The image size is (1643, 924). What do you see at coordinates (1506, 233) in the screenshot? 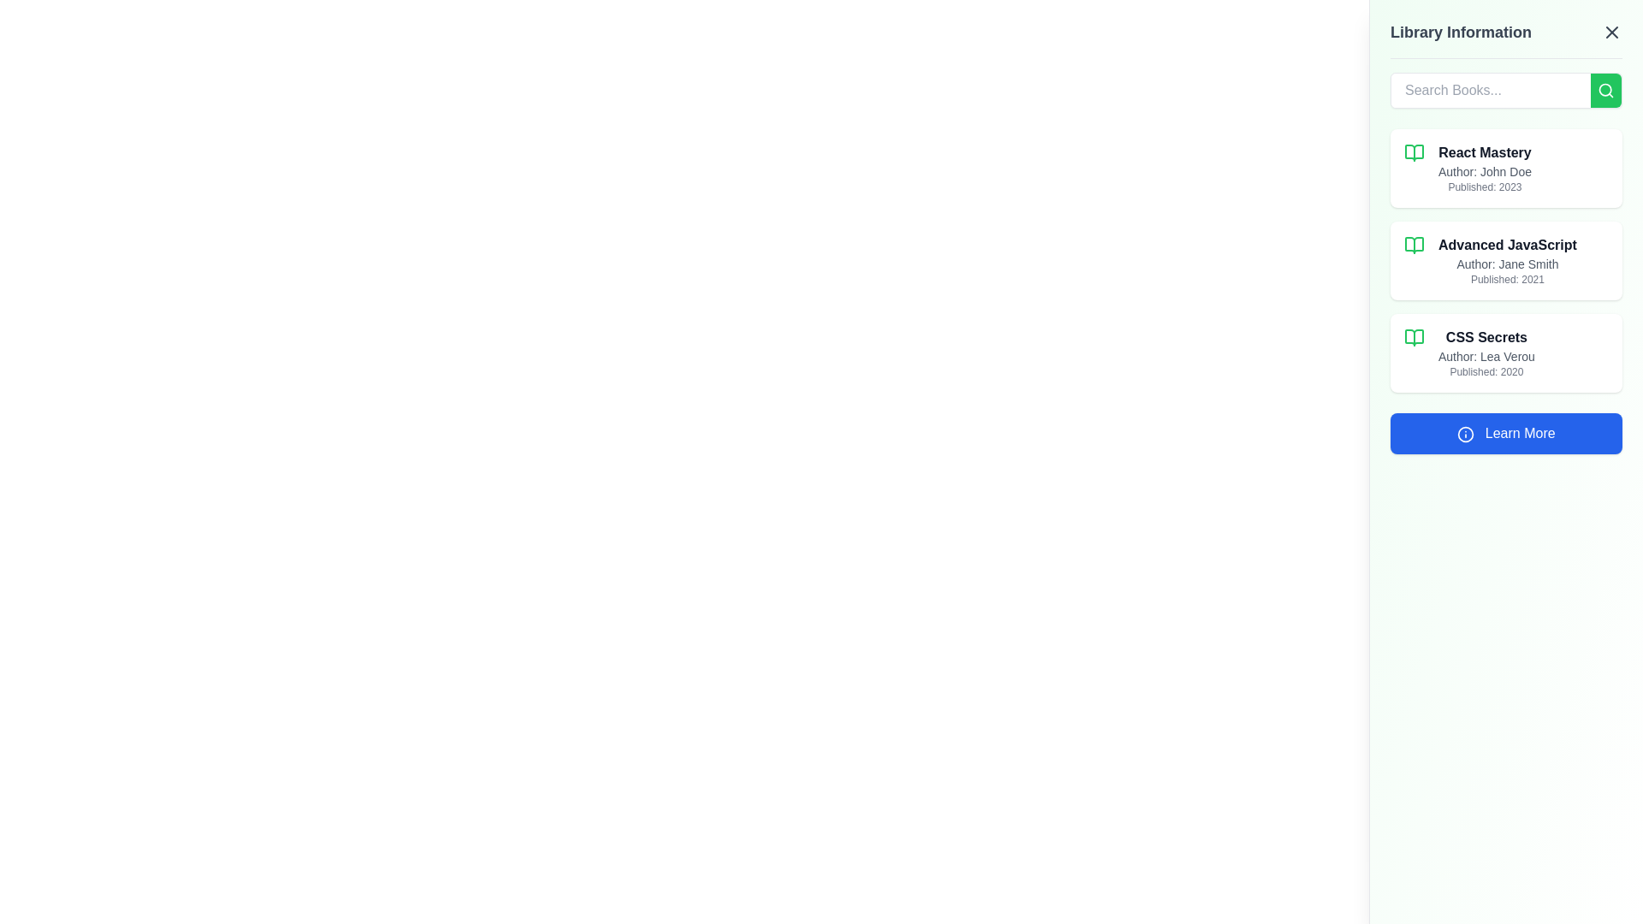
I see `the second book card` at bounding box center [1506, 233].